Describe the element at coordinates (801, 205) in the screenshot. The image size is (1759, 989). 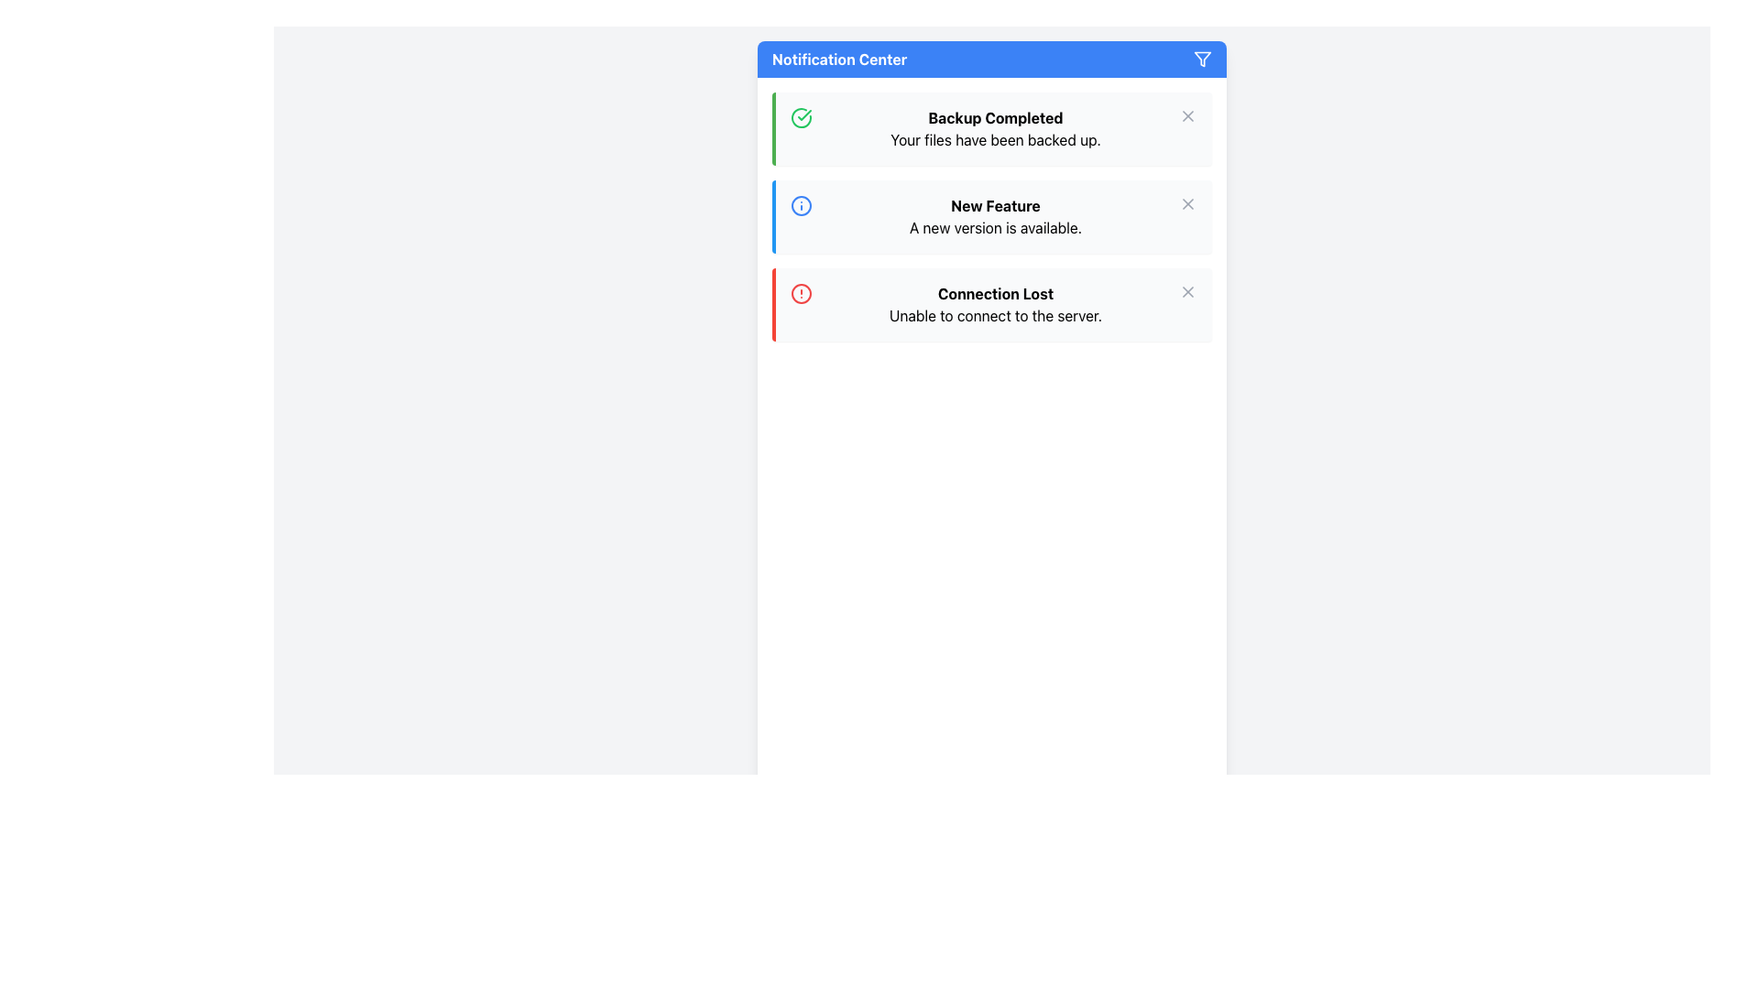
I see `the icon representing the 'New Feature' notification located in the left section of the second notification entry in the notification panel` at that location.